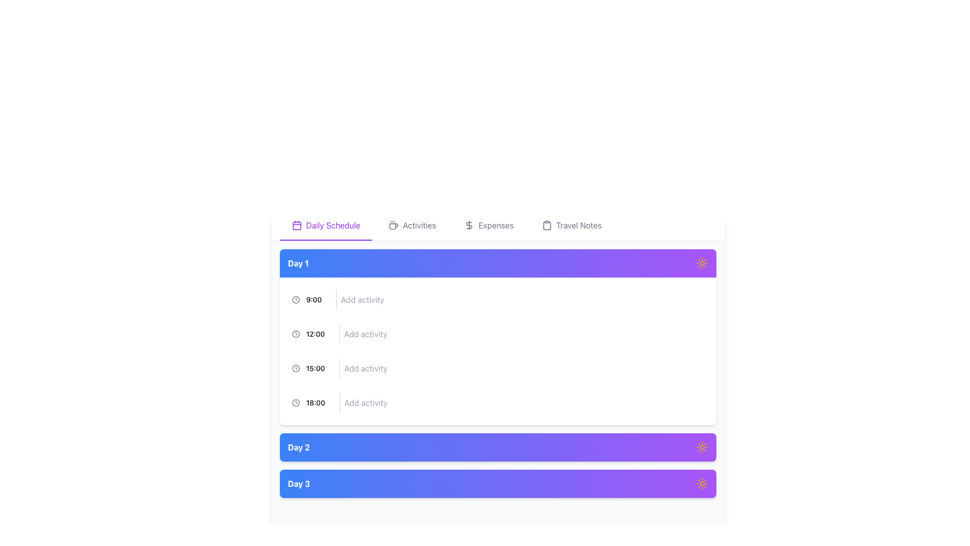 The height and width of the screenshot is (546, 970). Describe the element at coordinates (295, 334) in the screenshot. I see `the clock icon located in the '12:00' time row, which is positioned directly to the left of the text '12:00' in the 'Day 1' section of the schedule` at that location.